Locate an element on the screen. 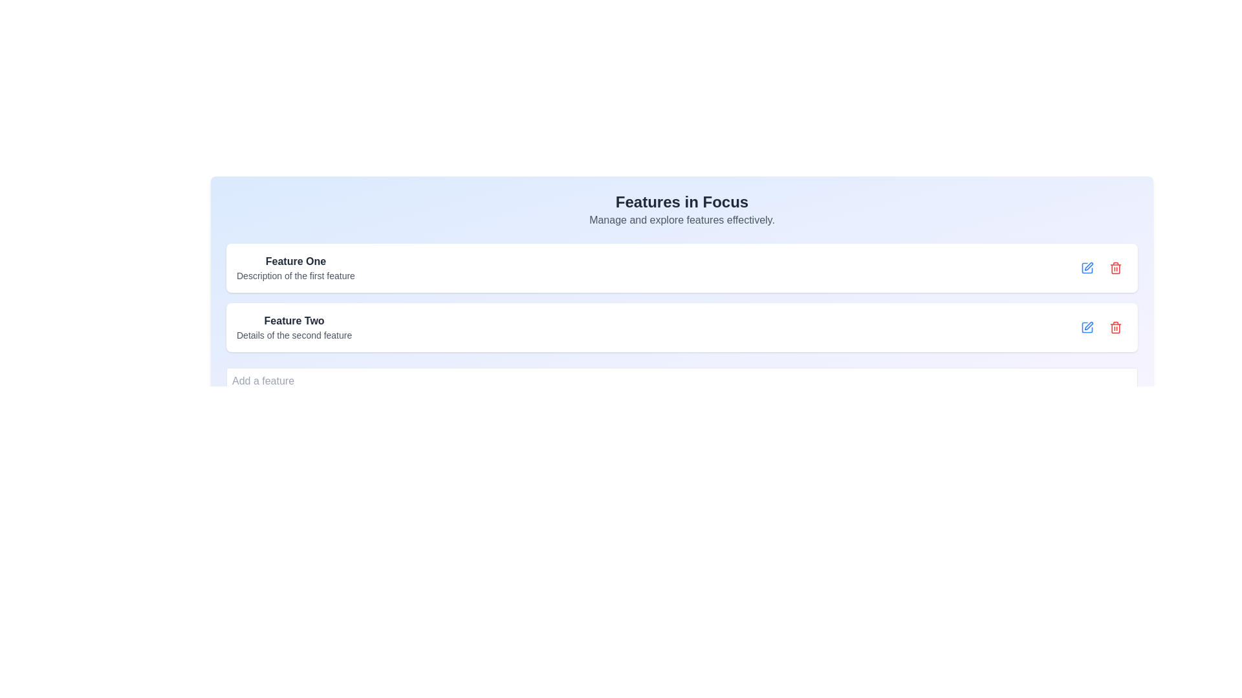 The width and height of the screenshot is (1242, 698). the edit button icon located in the second feature block on the right end, adjacent to the red trash icon is located at coordinates (1087, 326).